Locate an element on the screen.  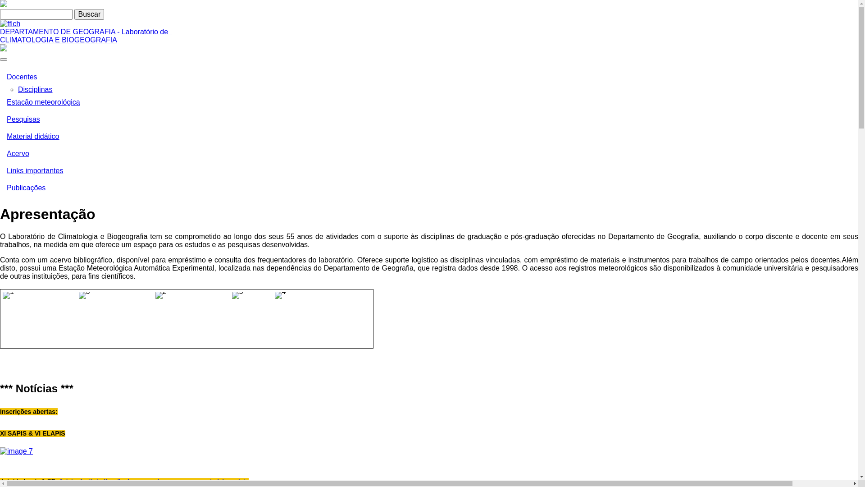
'CLIMATOLOGIA E BIOGEOGRAFIA' is located at coordinates (58, 39).